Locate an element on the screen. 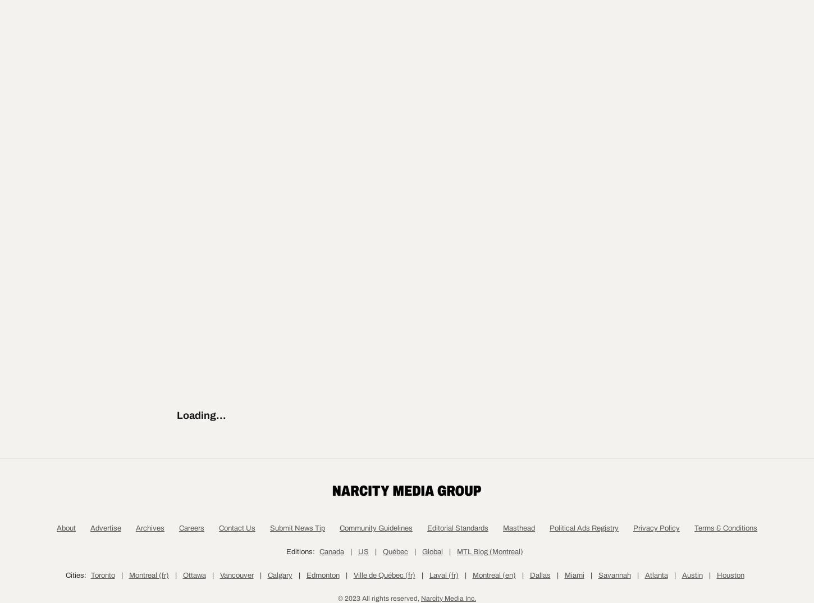  'Taylor Russell at the 2023 Film Independent Spirit Awards. Right: Harry Styles performing at the Rockefeller Plaza in May 2022.' is located at coordinates (199, 246).